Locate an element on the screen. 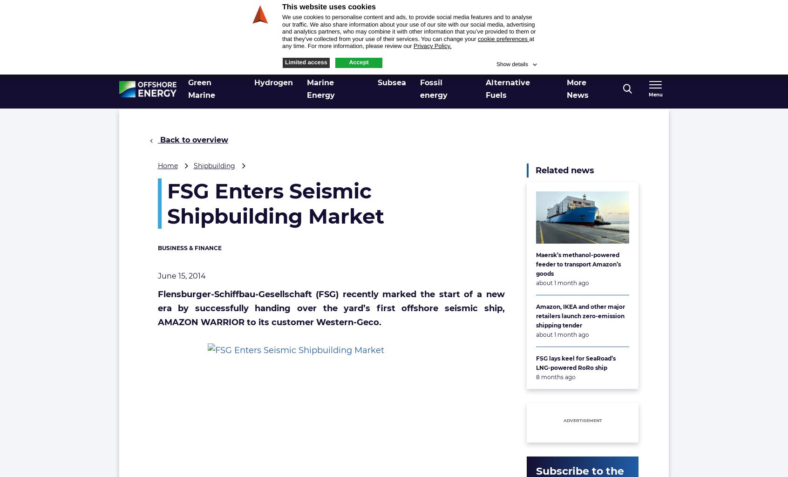  'Alternative Fuels' is located at coordinates (507, 89).